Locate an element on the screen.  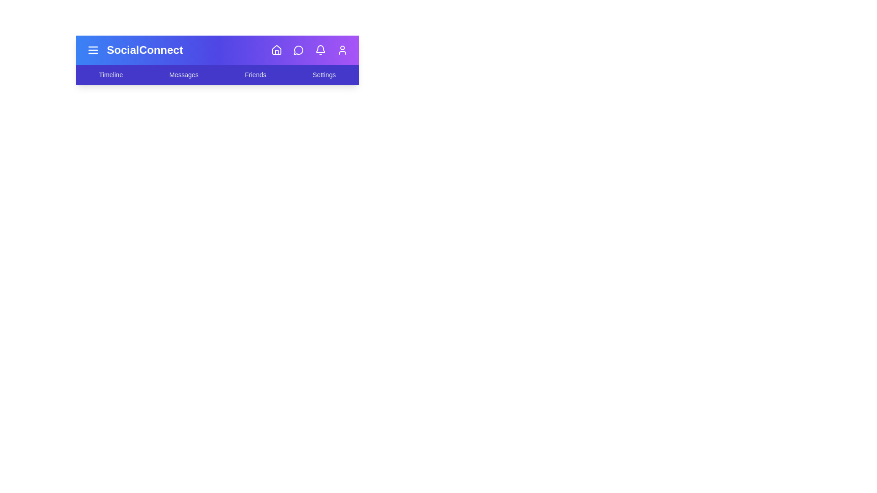
the Friends Menu to observe visual effects is located at coordinates (255, 74).